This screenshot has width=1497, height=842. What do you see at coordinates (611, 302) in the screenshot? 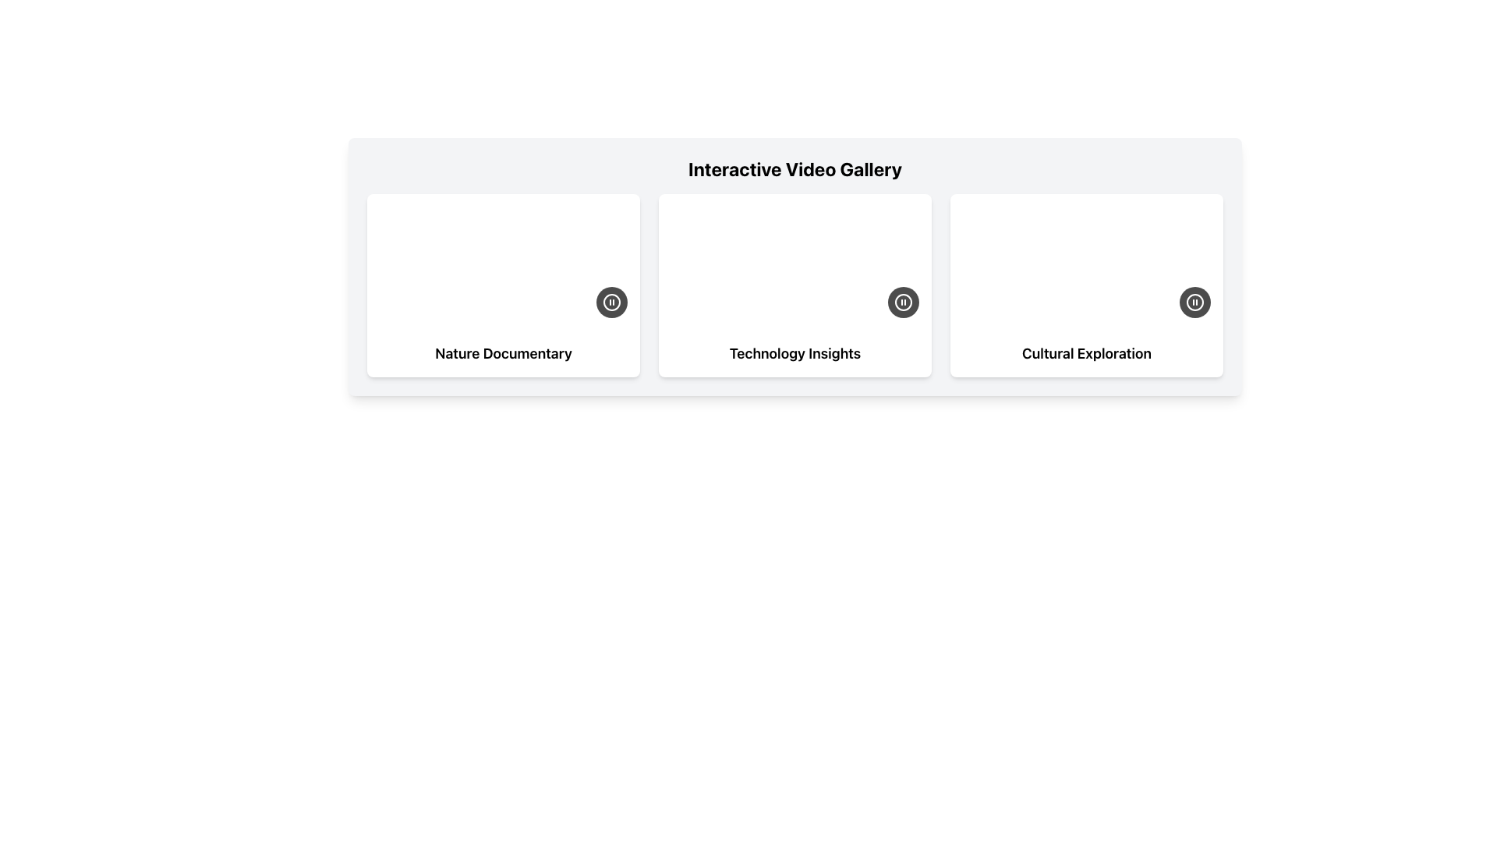
I see `the Graphical SVG element within the button-like icon of the 'Nature Documentary' card, which is the first card from the left in a horizontal arrangement of three cards` at bounding box center [611, 302].